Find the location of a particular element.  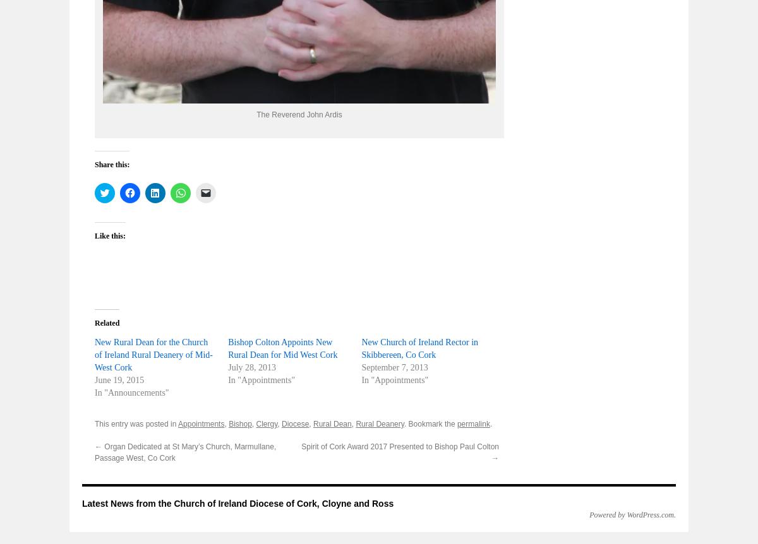

'Latest News from the Church of Ireland Diocese of Cork, Cloyne and Ross' is located at coordinates (238, 503).